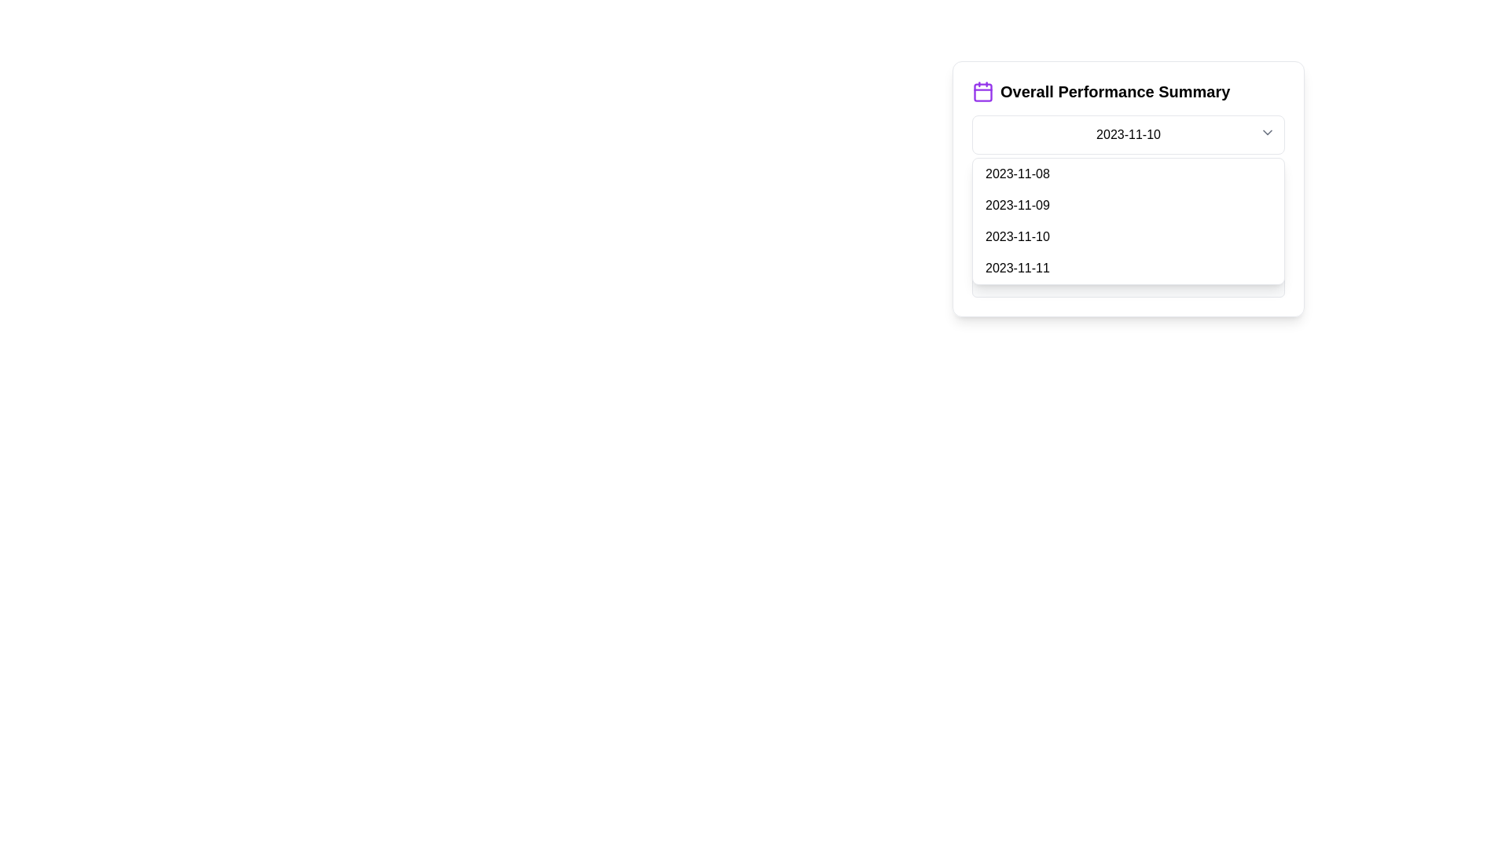 The image size is (1509, 848). I want to click on the small white rectangular area within the purple calendar icon at the top-left of the performance summary card, so click(982, 93).